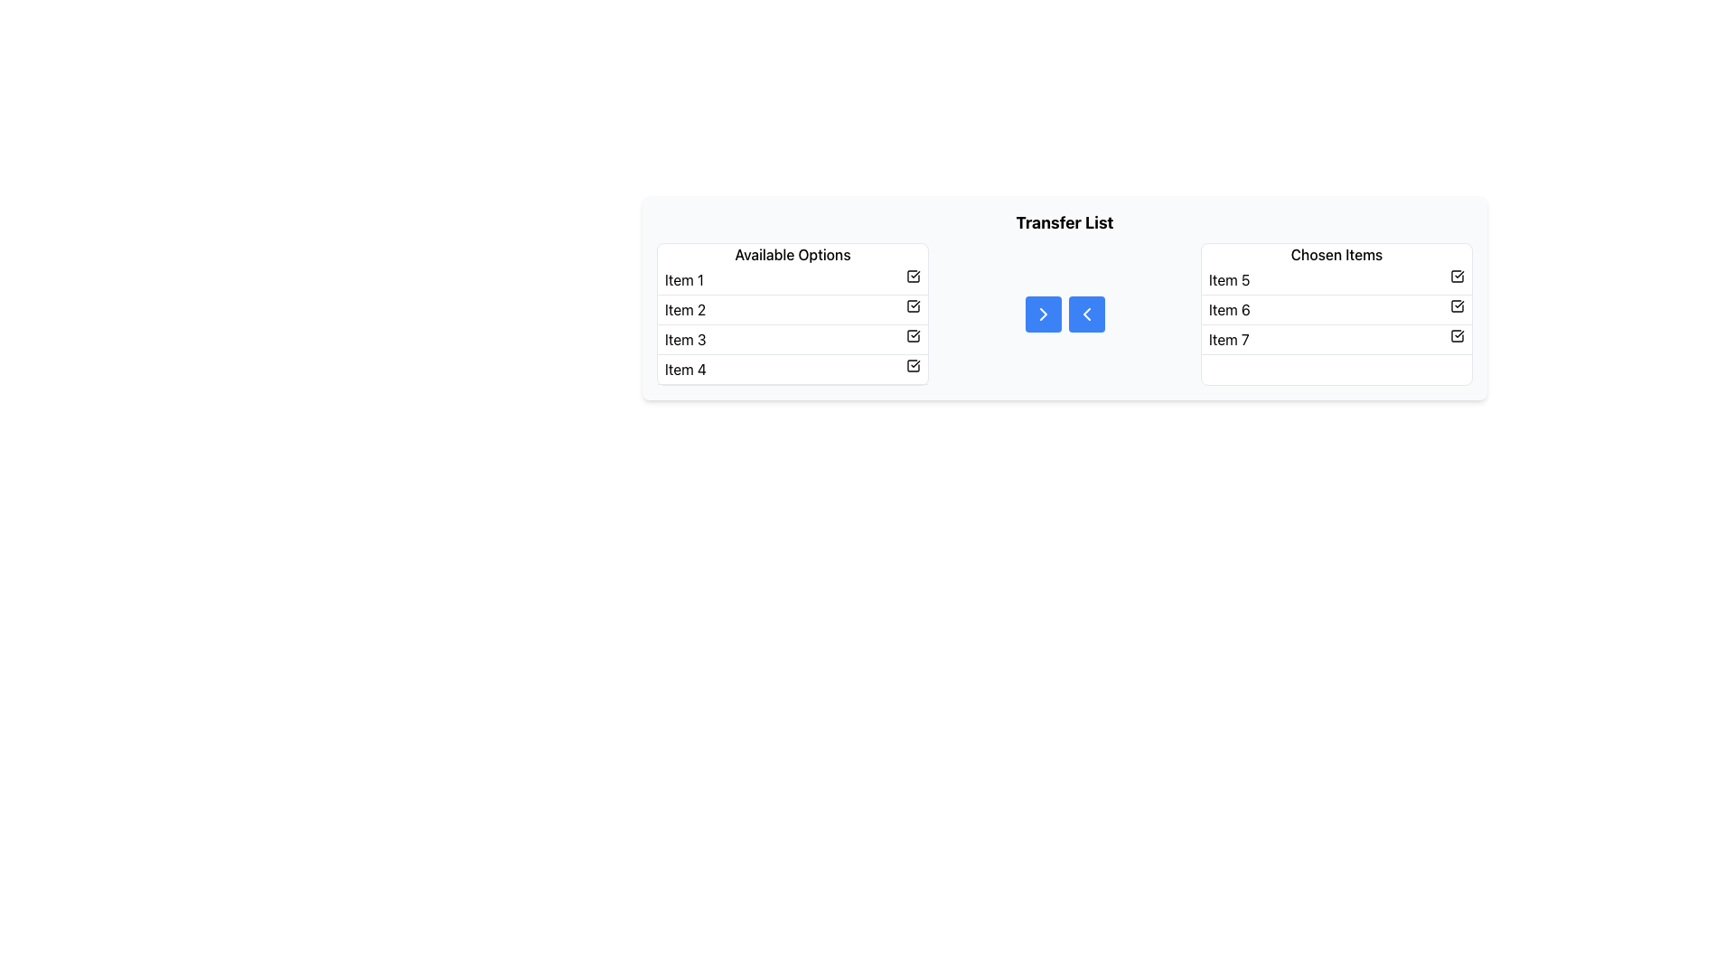  I want to click on the third row in the vertical list view labeled 'Item 3', so click(792, 340).